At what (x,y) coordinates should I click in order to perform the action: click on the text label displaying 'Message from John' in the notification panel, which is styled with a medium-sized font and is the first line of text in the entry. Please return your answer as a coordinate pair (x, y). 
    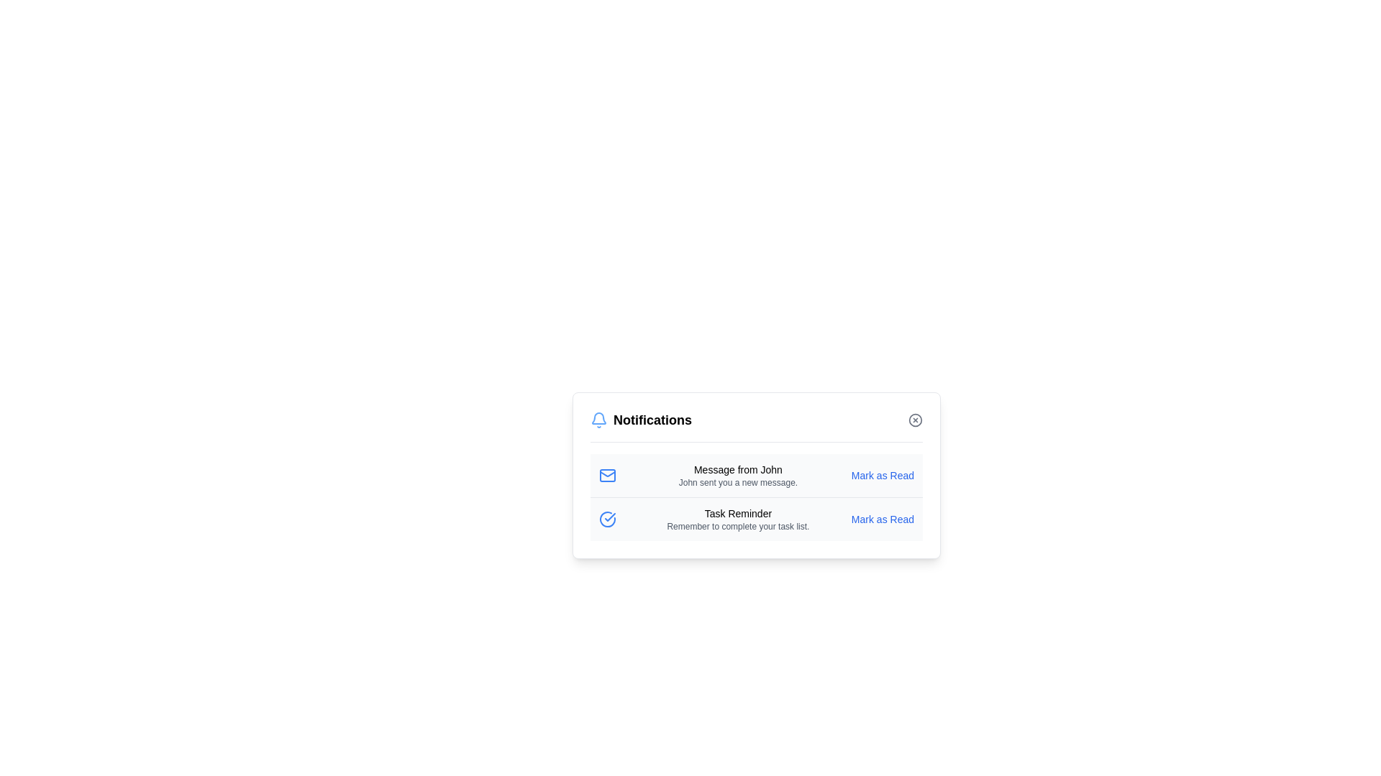
    Looking at the image, I should click on (738, 470).